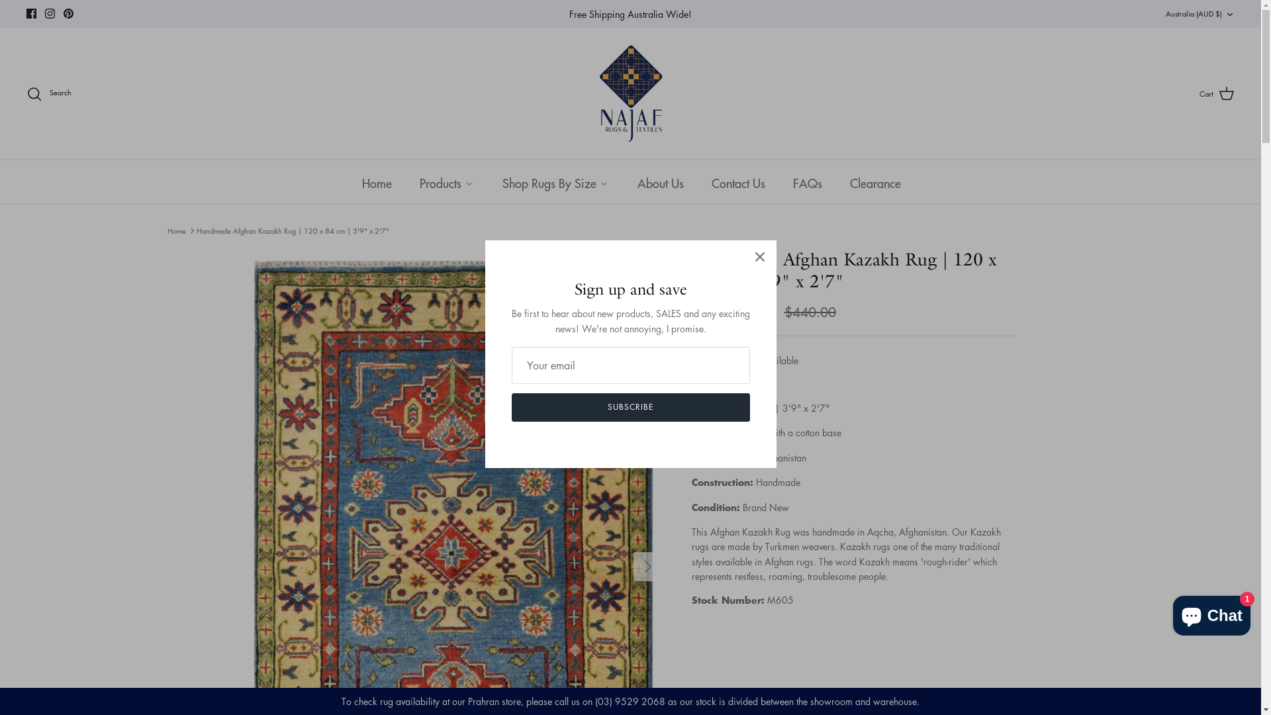  What do you see at coordinates (175, 230) in the screenshot?
I see `'Home'` at bounding box center [175, 230].